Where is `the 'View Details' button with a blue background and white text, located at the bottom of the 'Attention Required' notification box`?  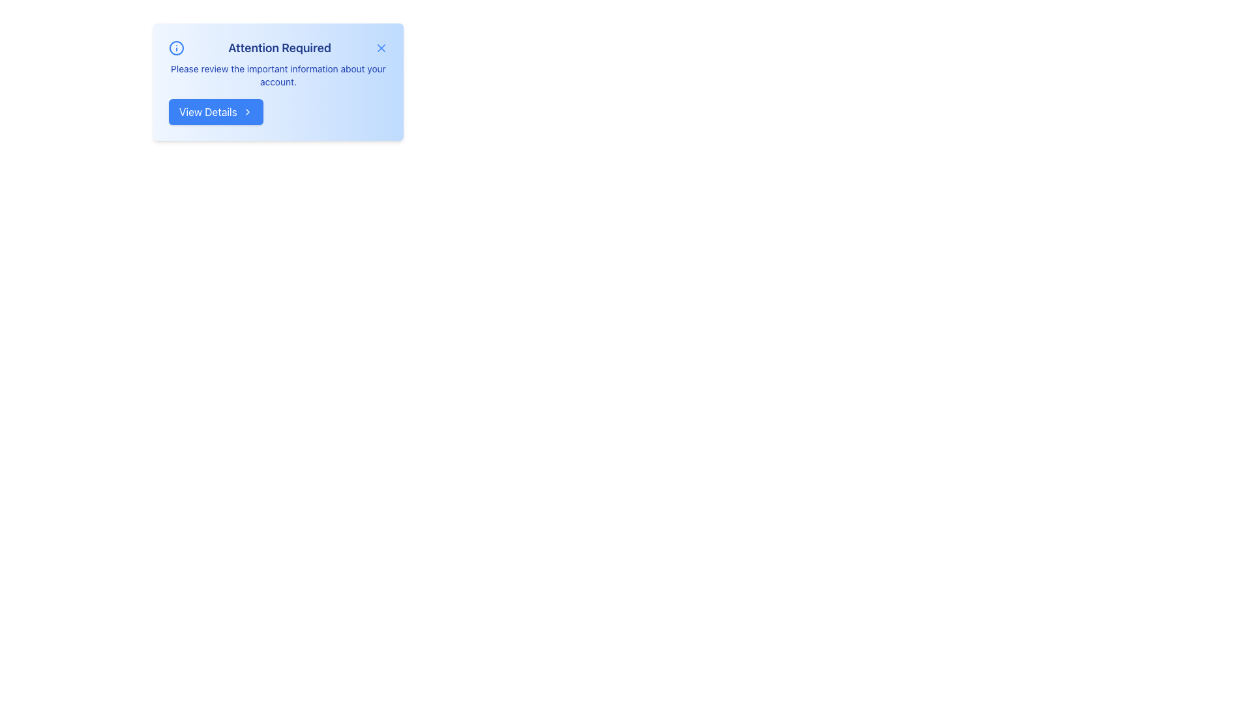
the 'View Details' button with a blue background and white text, located at the bottom of the 'Attention Required' notification box is located at coordinates (216, 111).